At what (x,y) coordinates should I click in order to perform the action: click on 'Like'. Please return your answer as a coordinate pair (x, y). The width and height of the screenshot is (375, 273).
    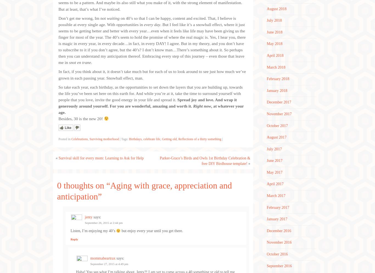
    Looking at the image, I should click on (68, 127).